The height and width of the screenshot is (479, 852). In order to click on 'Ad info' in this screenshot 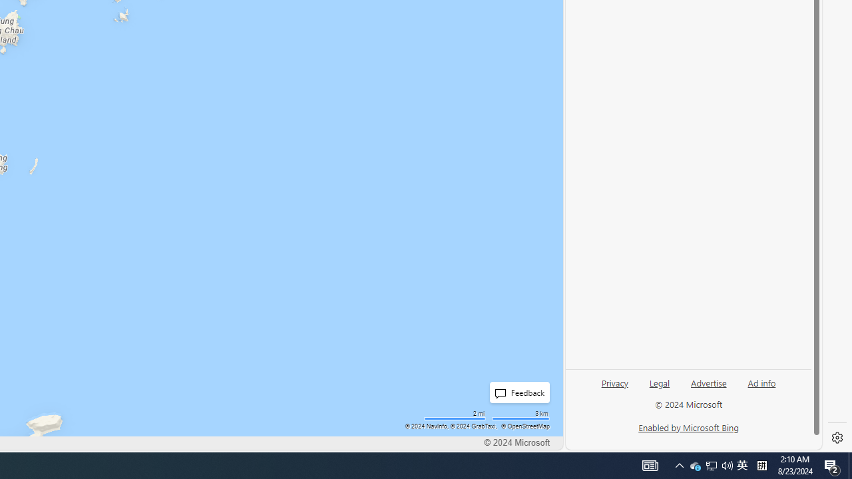, I will do `click(761, 388)`.